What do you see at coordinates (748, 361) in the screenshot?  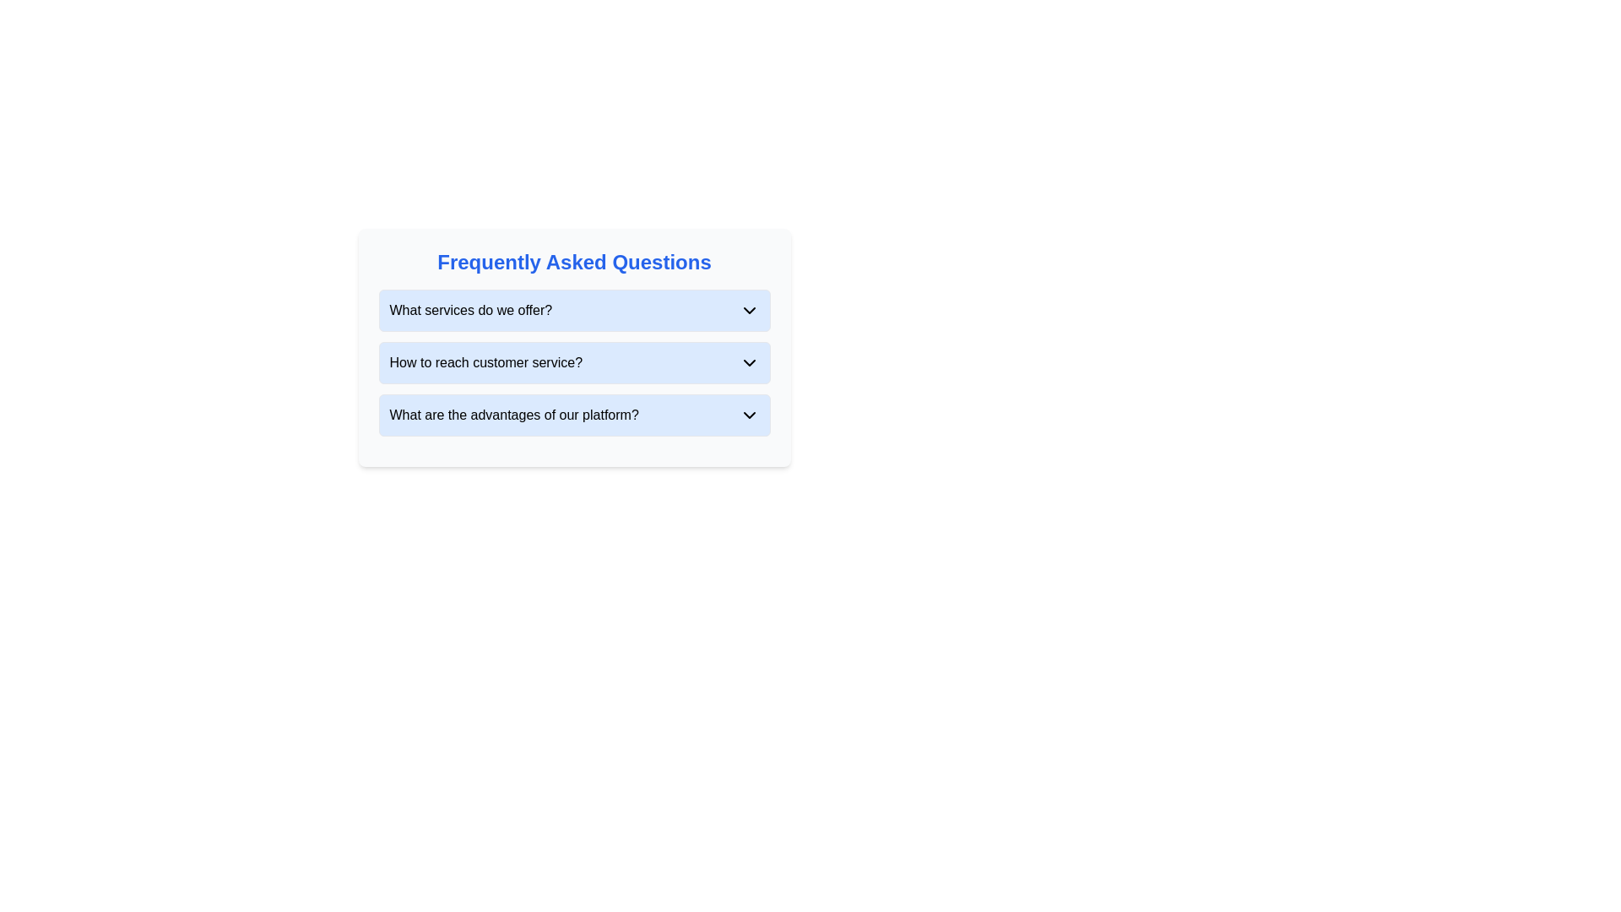 I see `the chevron icon located on the right side of the FAQ section titled 'How to reach customer service?'` at bounding box center [748, 361].